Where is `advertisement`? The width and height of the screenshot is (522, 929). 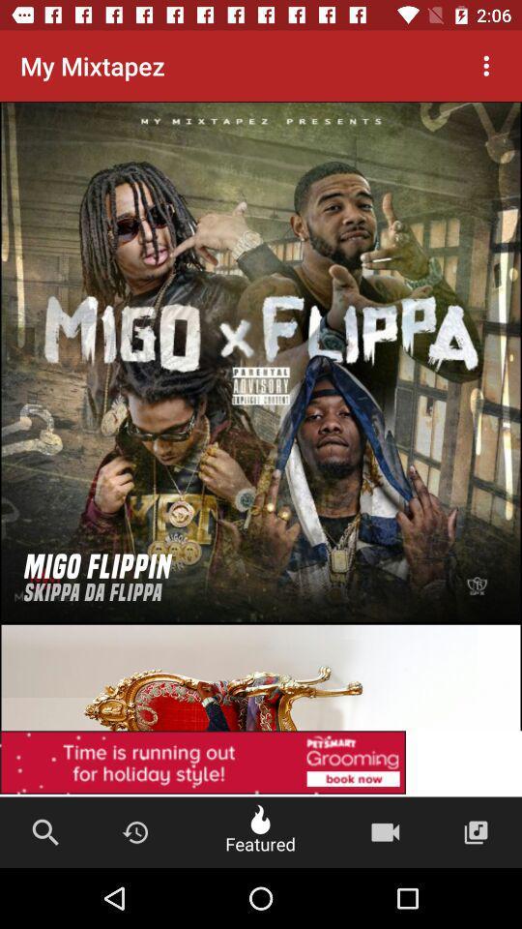 advertisement is located at coordinates (261, 764).